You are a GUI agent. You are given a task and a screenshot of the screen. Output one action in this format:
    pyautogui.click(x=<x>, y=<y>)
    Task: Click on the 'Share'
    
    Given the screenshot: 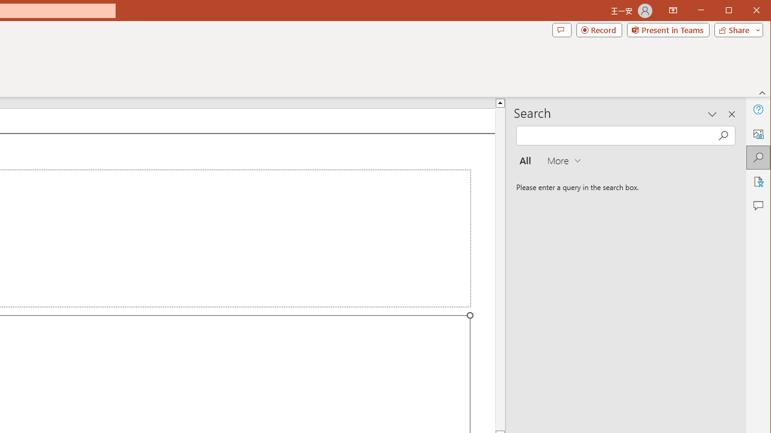 What is the action you would take?
    pyautogui.click(x=735, y=29)
    